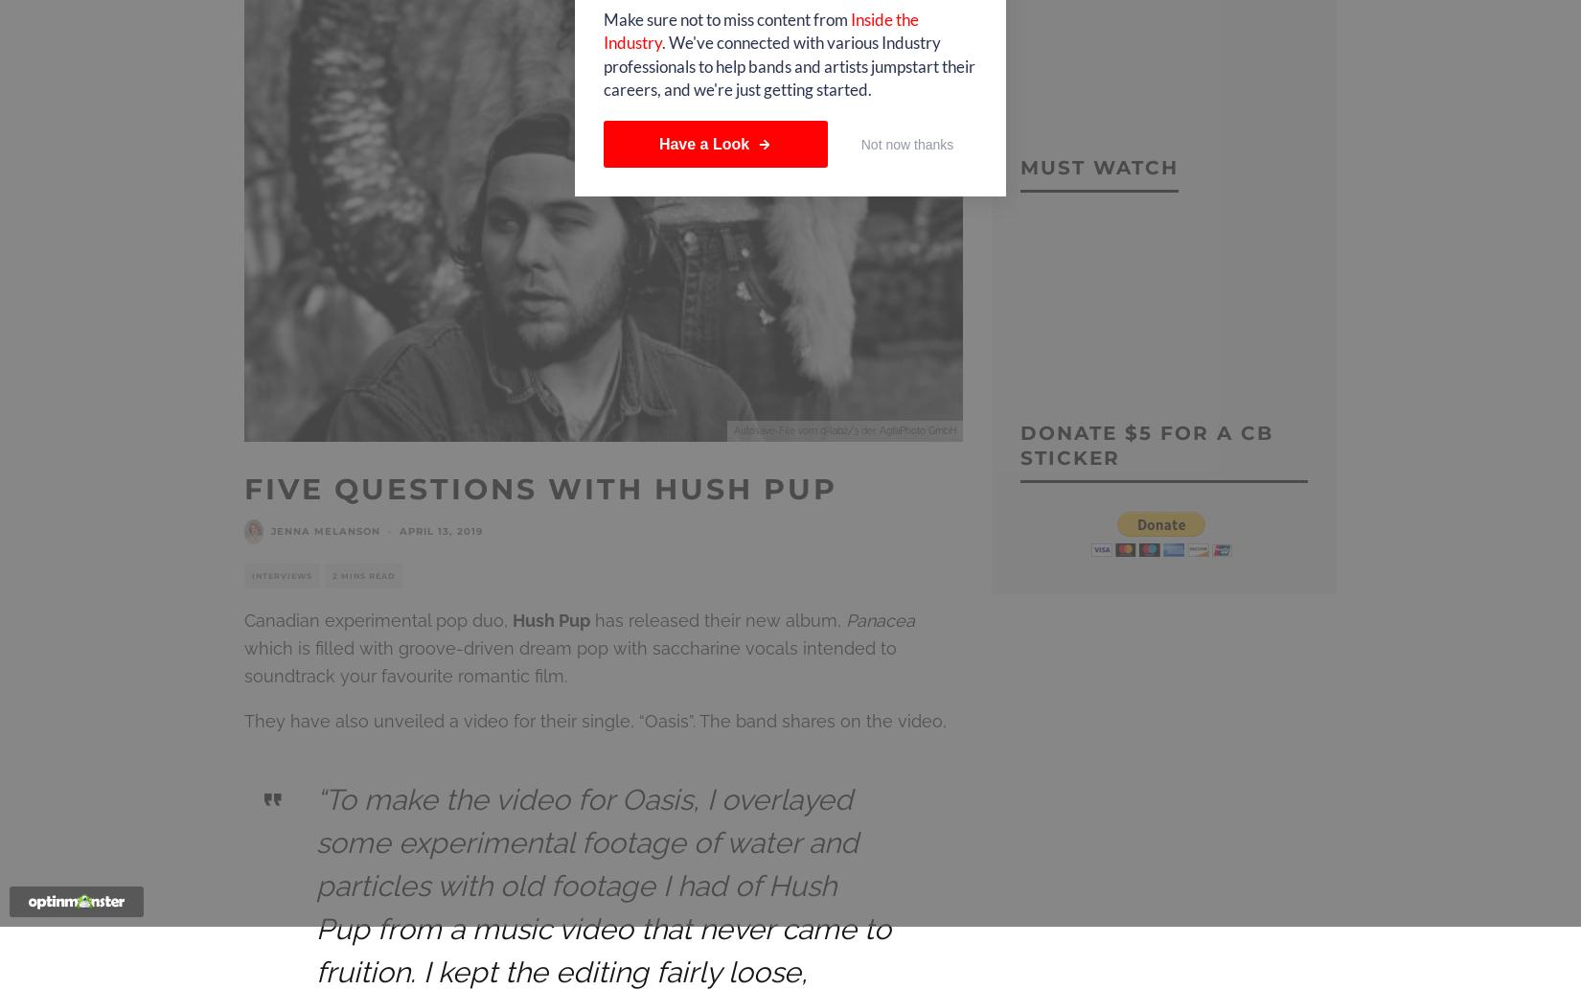 The width and height of the screenshot is (1581, 990). Describe the element at coordinates (881, 619) in the screenshot. I see `'Panacea'` at that location.